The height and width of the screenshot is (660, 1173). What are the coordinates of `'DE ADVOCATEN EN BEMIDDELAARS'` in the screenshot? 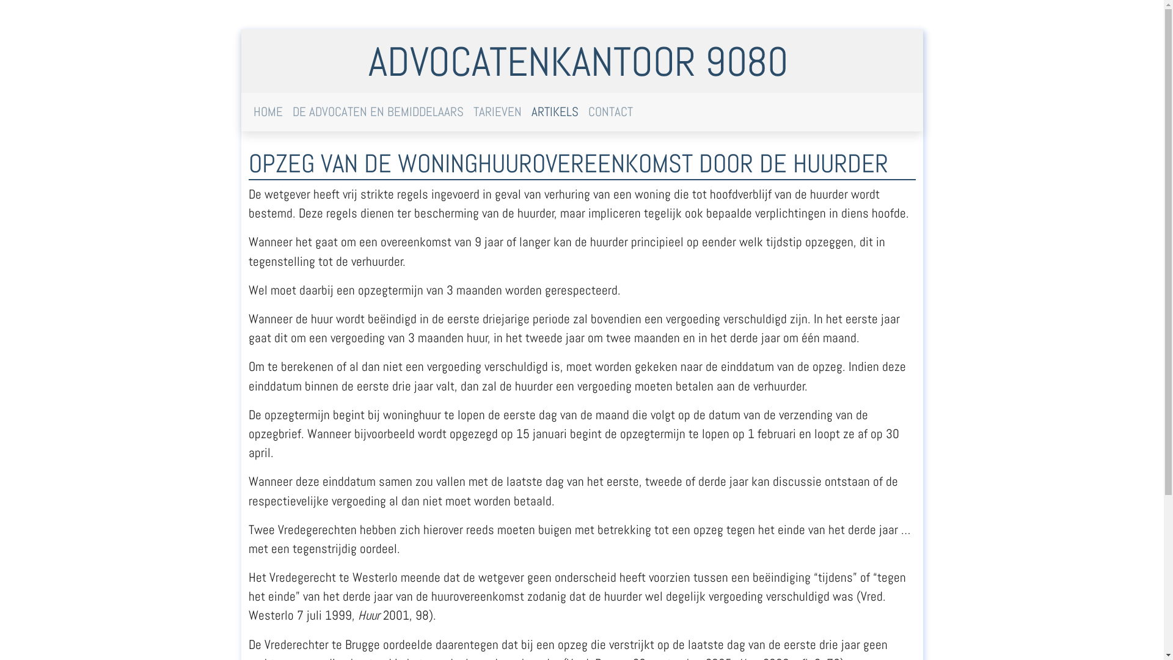 It's located at (377, 112).